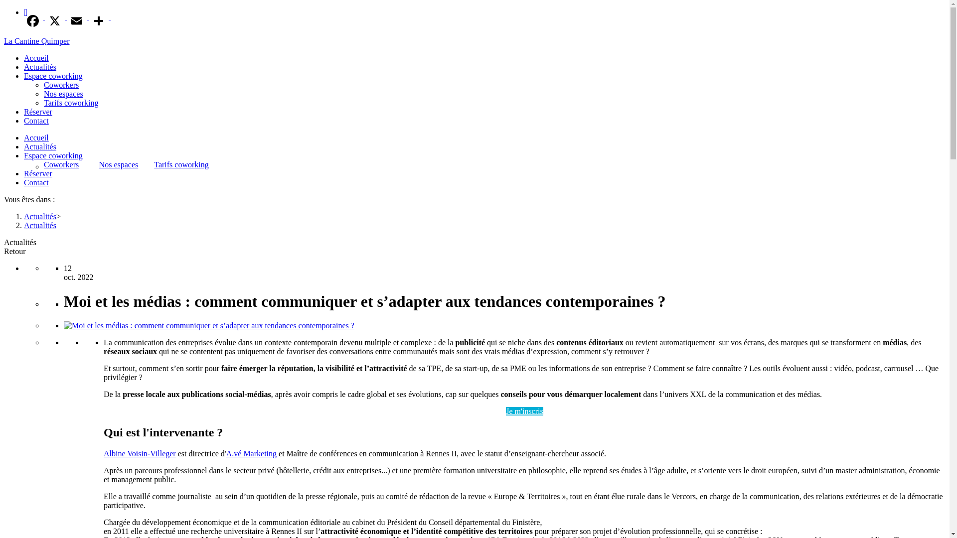  Describe the element at coordinates (36, 120) in the screenshot. I see `'Contact'` at that location.